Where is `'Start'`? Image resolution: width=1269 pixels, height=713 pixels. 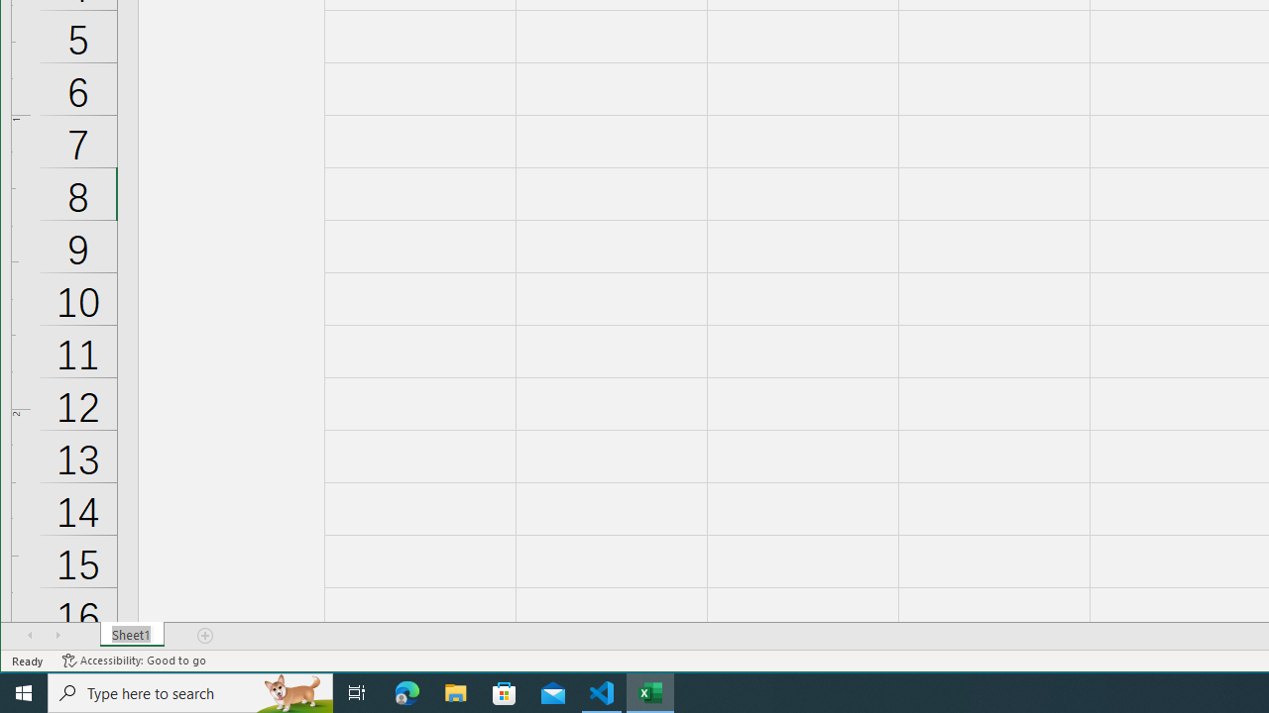 'Start' is located at coordinates (24, 691).